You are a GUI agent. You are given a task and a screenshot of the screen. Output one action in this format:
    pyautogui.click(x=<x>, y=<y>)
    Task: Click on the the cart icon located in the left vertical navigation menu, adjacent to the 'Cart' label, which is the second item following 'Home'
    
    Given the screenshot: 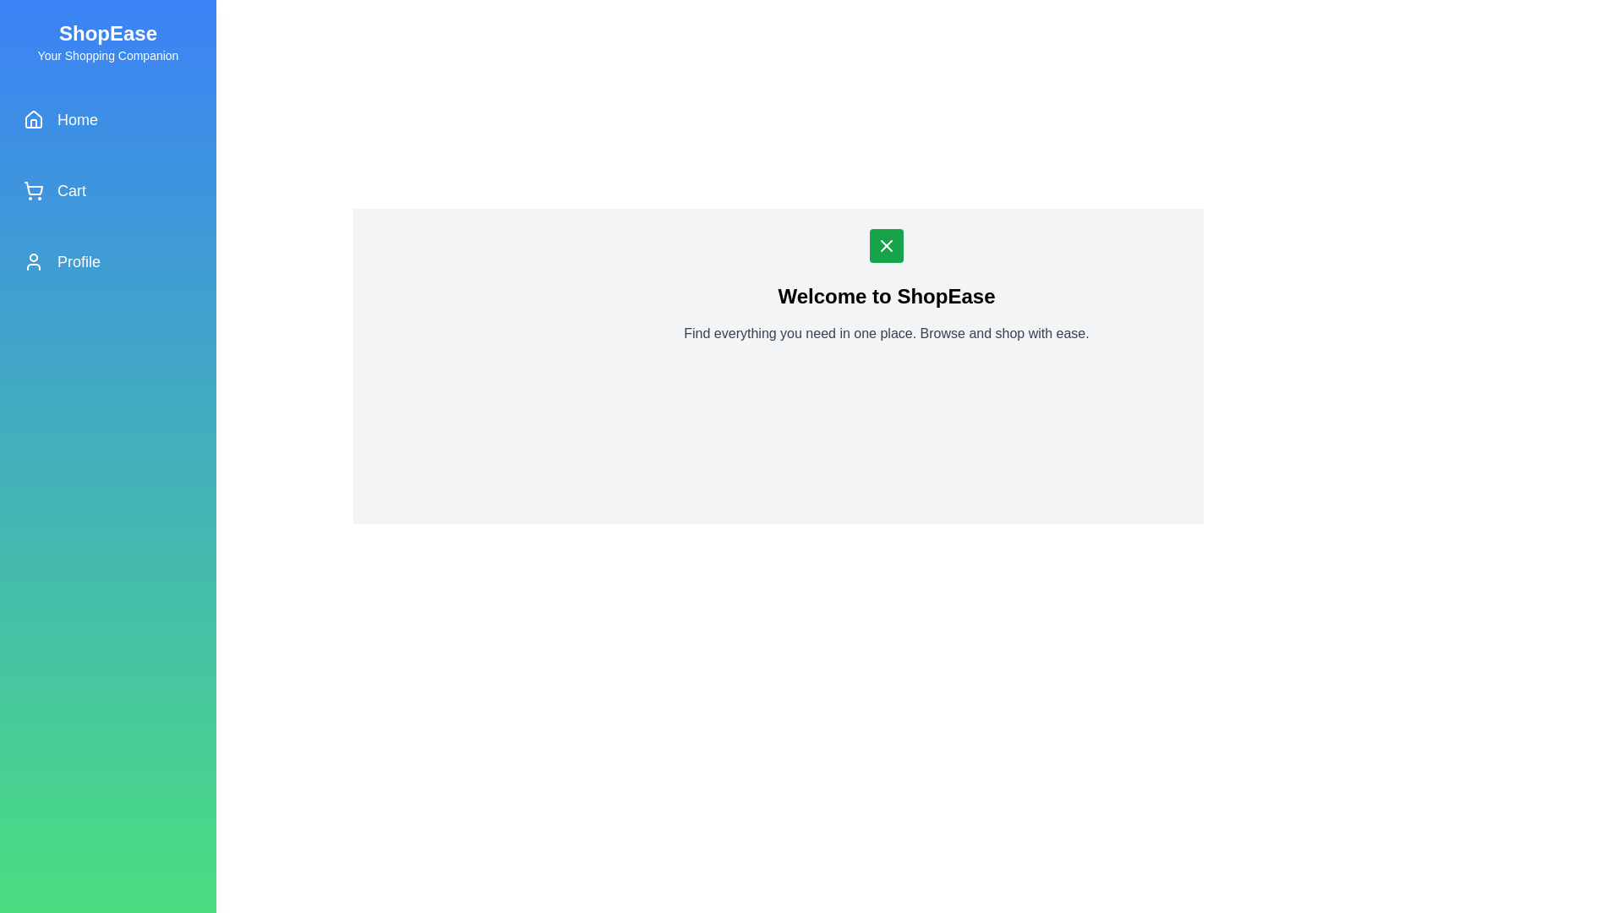 What is the action you would take?
    pyautogui.click(x=33, y=190)
    